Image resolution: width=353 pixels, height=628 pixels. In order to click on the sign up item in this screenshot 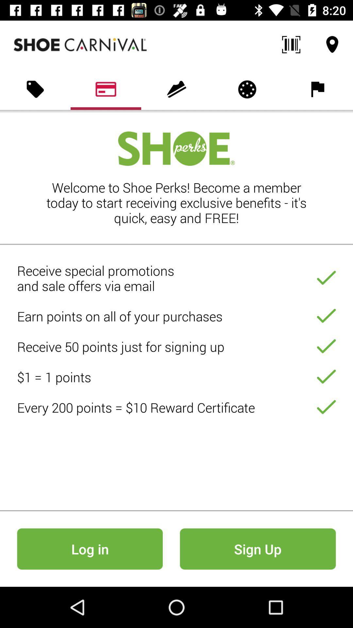, I will do `click(258, 549)`.